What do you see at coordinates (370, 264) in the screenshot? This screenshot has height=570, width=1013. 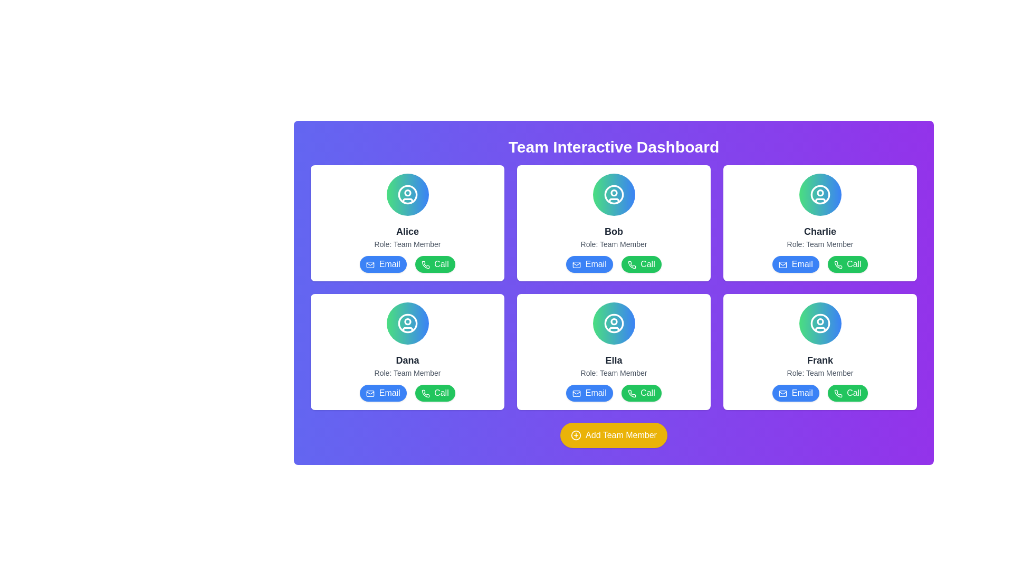 I see `the email icon, which resembles an envelope and is located inside the 'Email' button to the left of the button's text under Alice's card in the first column, first row of the grid layout` at bounding box center [370, 264].